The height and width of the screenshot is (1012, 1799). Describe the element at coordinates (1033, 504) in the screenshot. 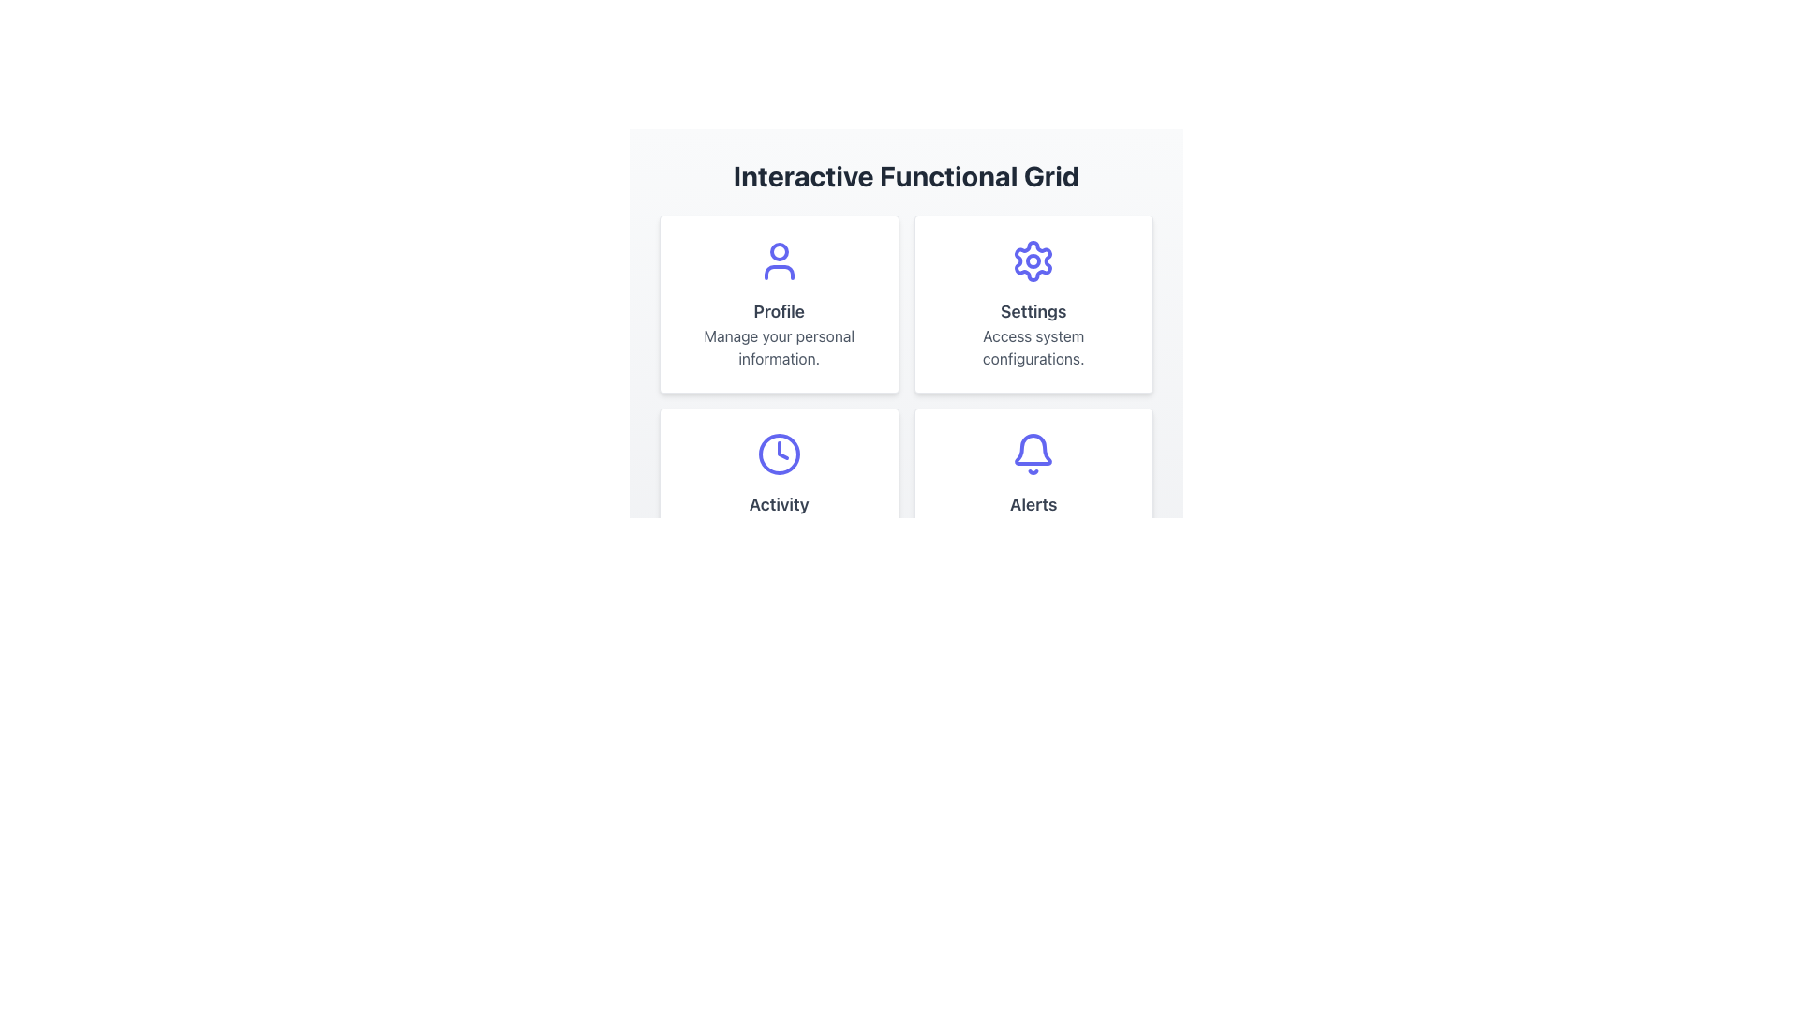

I see `the 'Alerts' descriptive label located in the lower-right box of the four-tile grid, which is centrally aligned below the bell icon` at that location.